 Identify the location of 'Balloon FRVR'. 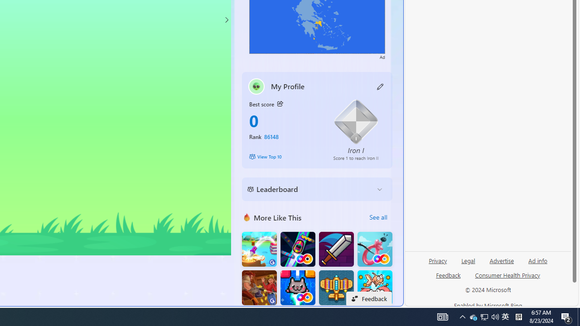
(375, 249).